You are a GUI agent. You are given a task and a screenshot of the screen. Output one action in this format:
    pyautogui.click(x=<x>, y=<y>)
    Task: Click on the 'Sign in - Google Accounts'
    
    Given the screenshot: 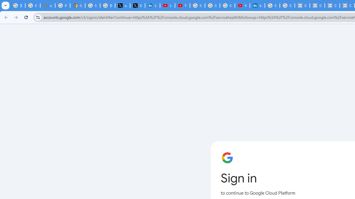 What is the action you would take?
    pyautogui.click(x=93, y=6)
    